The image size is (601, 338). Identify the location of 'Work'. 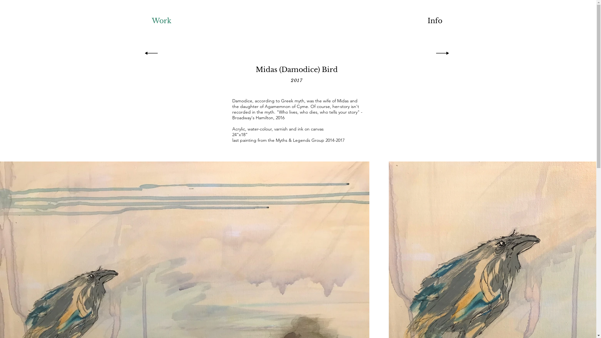
(162, 20).